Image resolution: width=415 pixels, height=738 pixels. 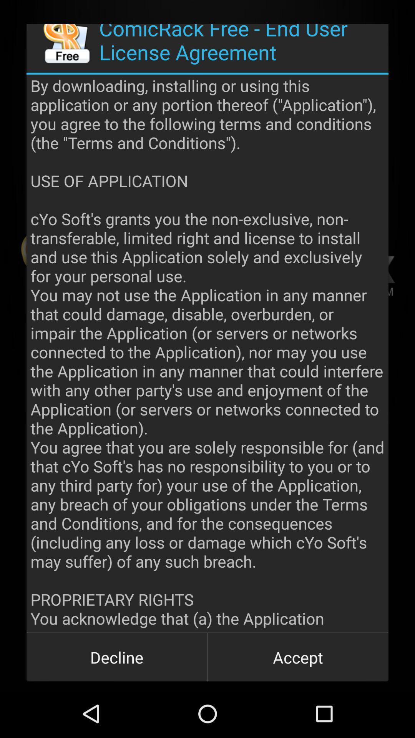 I want to click on item at the bottom left corner, so click(x=117, y=657).